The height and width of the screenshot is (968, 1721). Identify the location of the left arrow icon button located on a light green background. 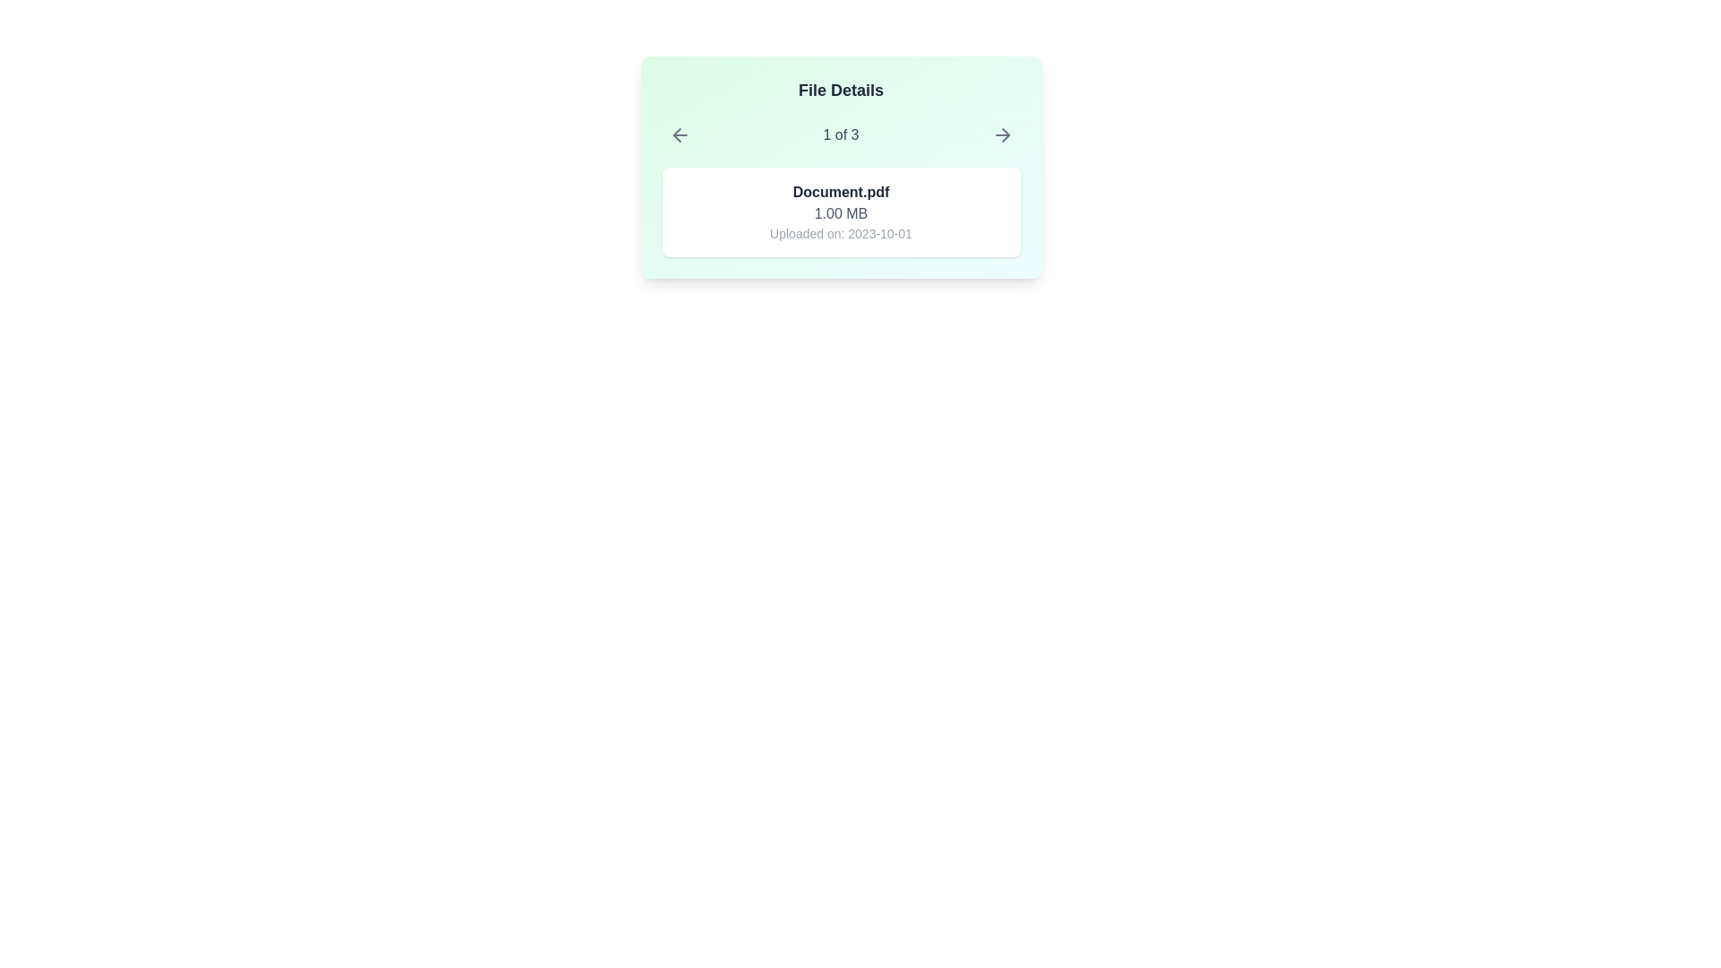
(679, 134).